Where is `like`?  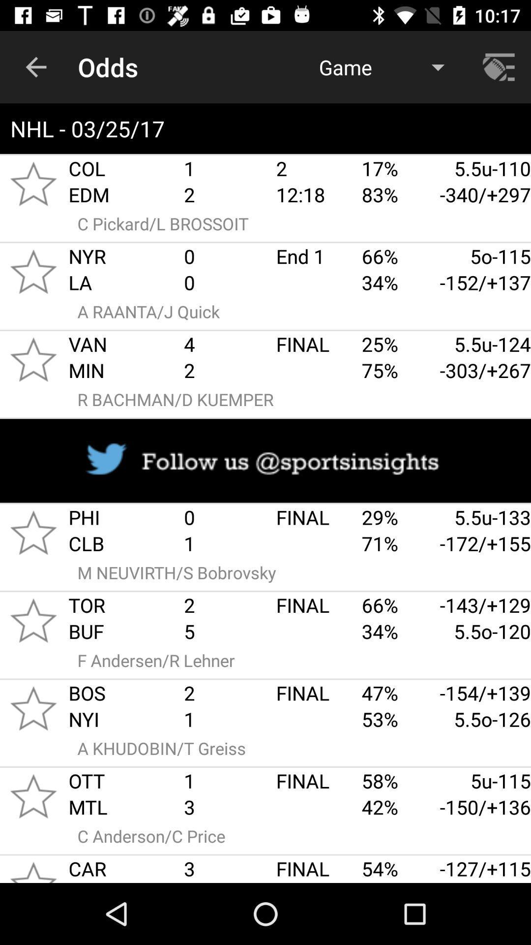
like is located at coordinates (33, 620).